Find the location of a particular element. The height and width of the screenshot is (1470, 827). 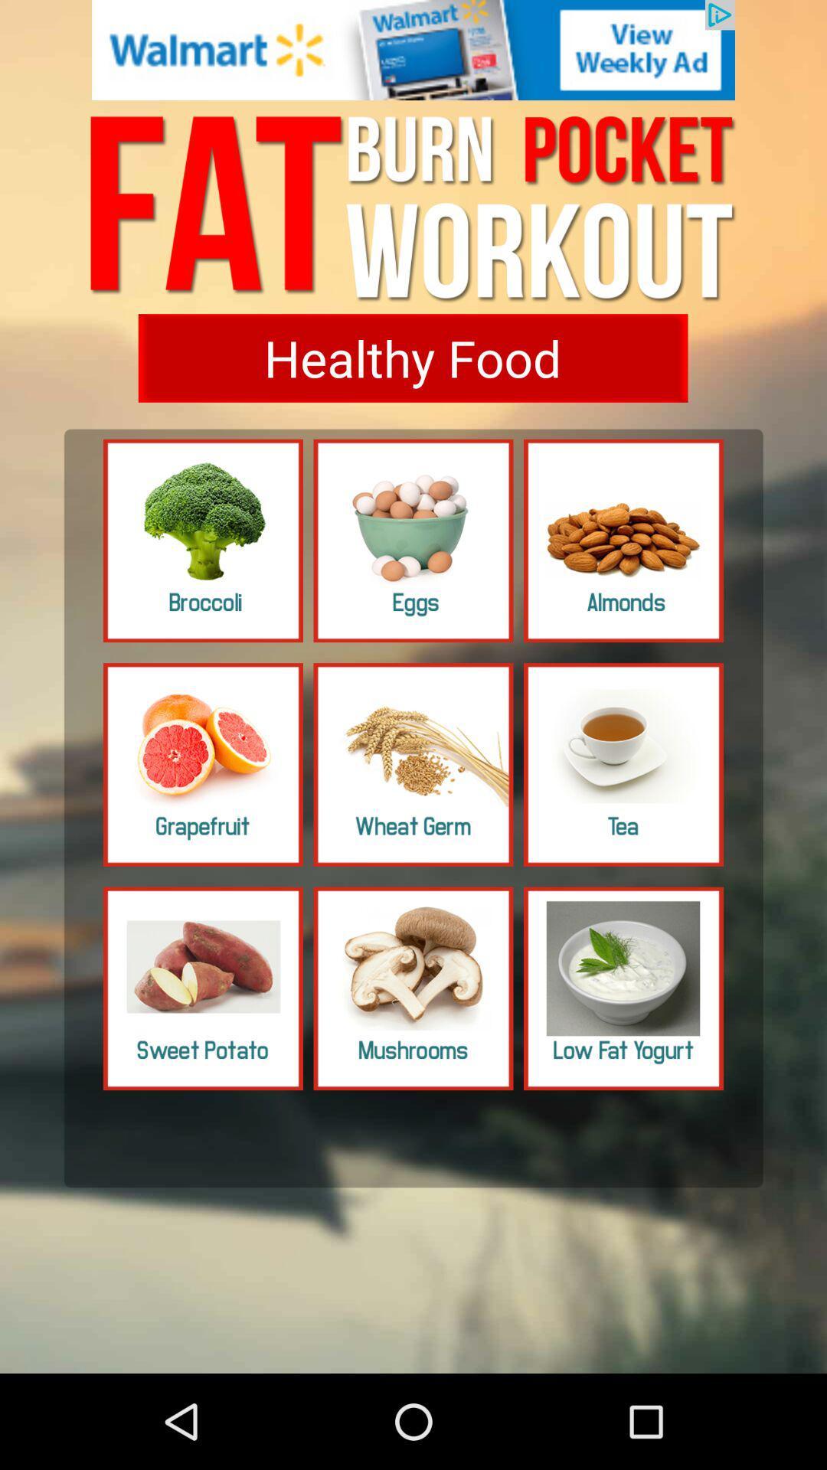

almonds is located at coordinates (623, 541).